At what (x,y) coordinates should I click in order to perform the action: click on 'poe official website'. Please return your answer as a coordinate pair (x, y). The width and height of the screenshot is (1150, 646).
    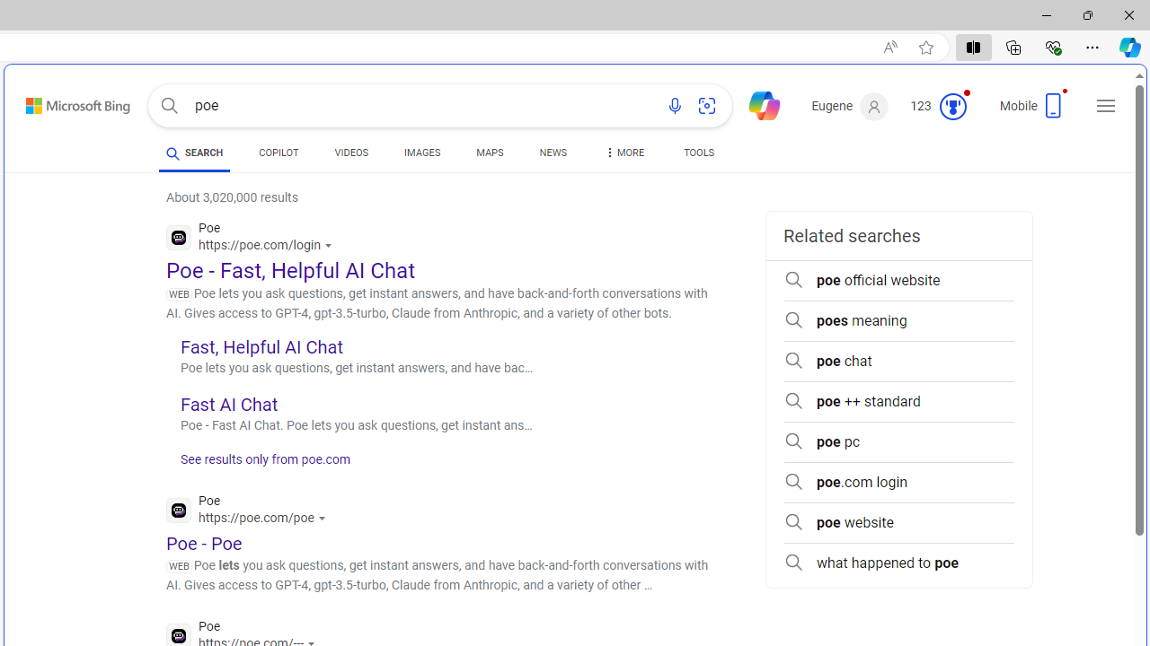
    Looking at the image, I should click on (898, 280).